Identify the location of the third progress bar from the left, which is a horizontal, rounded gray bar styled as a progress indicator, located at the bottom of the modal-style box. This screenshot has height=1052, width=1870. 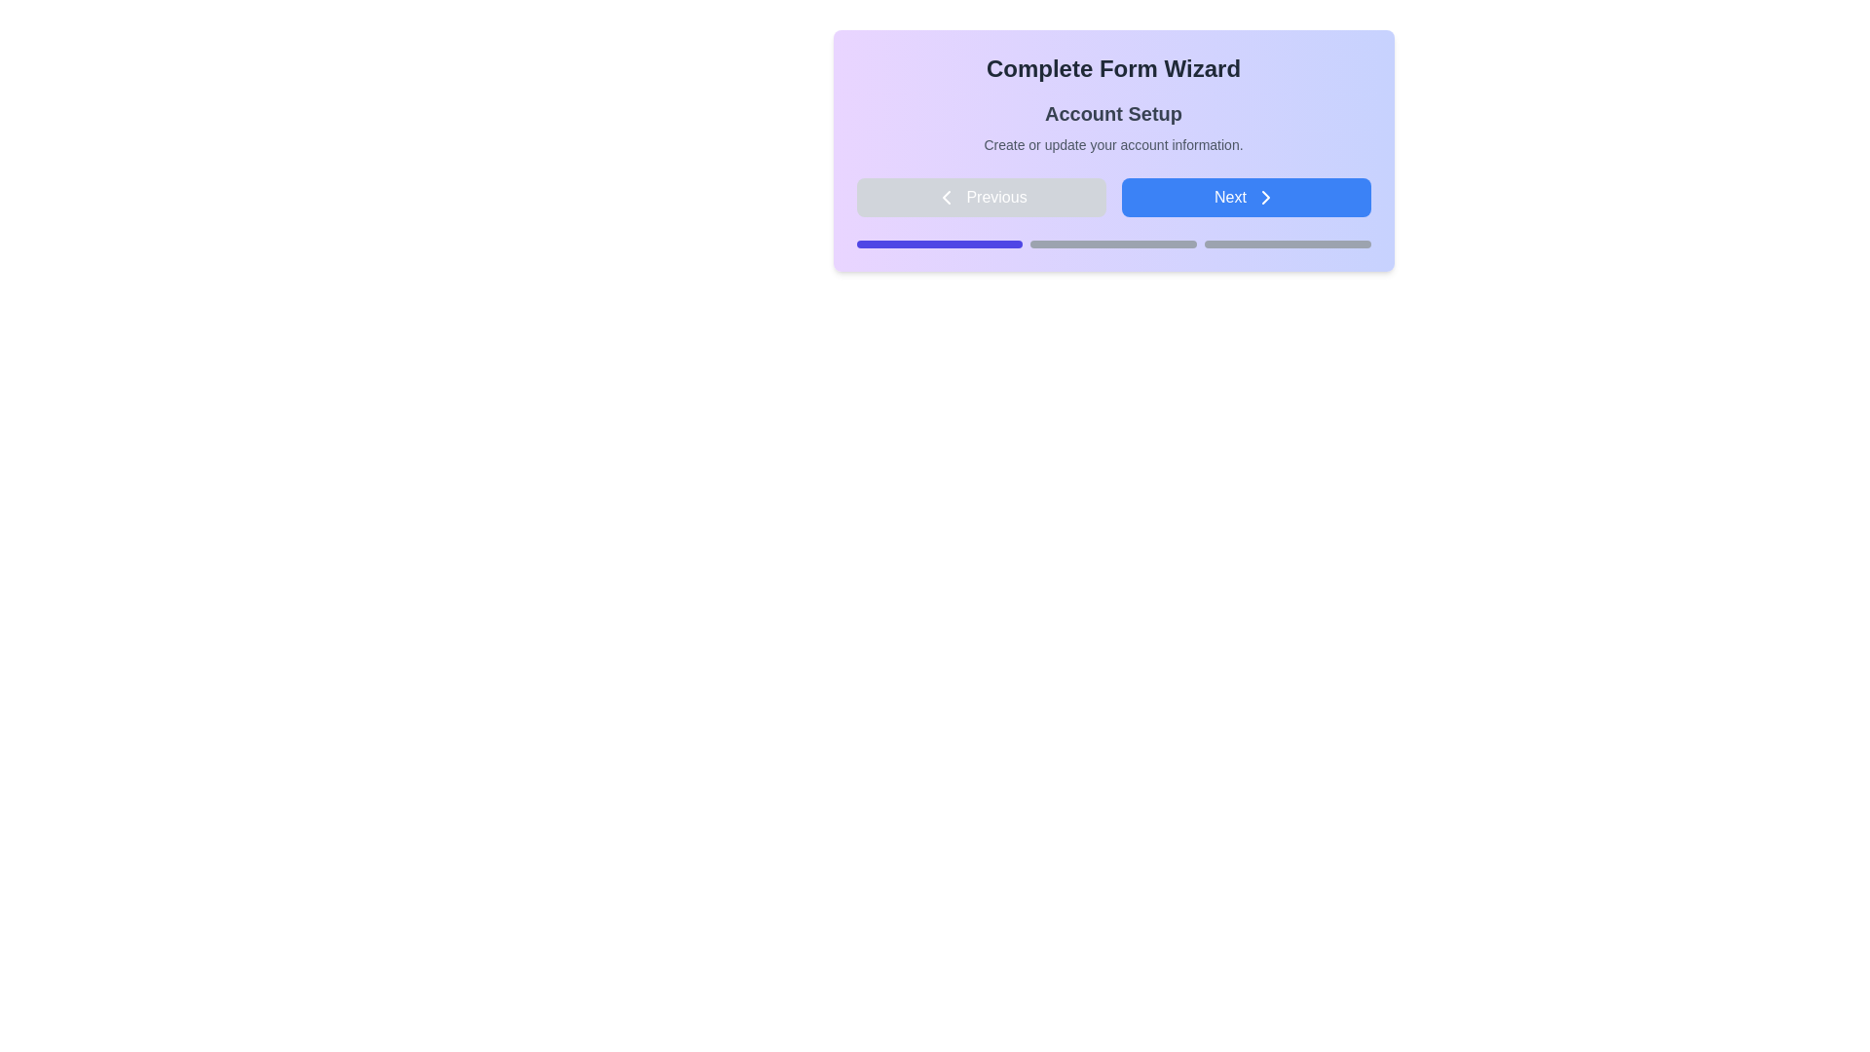
(1288, 243).